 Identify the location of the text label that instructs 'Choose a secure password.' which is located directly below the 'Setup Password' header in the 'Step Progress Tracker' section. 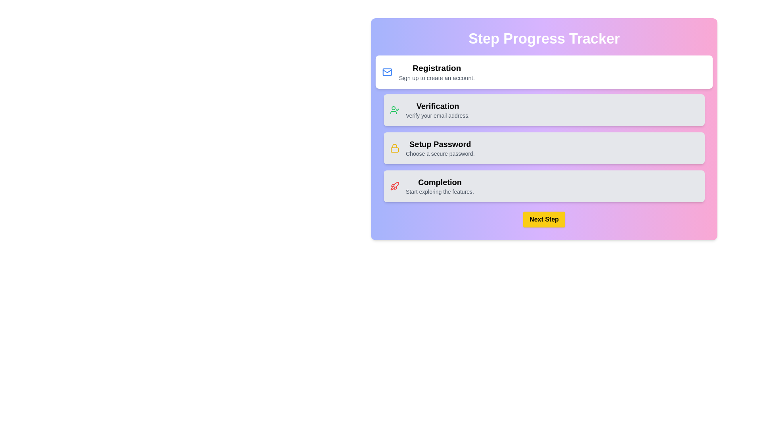
(440, 154).